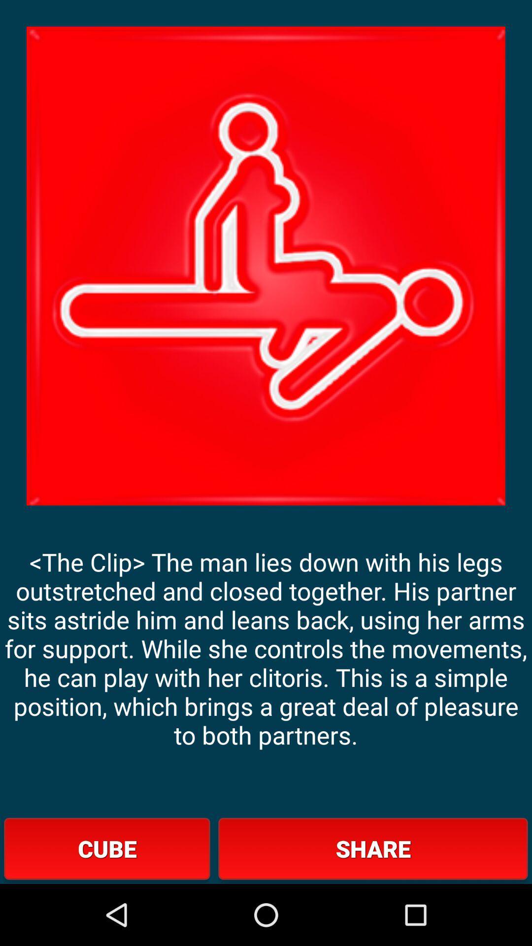  I want to click on cube at the bottom left corner, so click(107, 848).